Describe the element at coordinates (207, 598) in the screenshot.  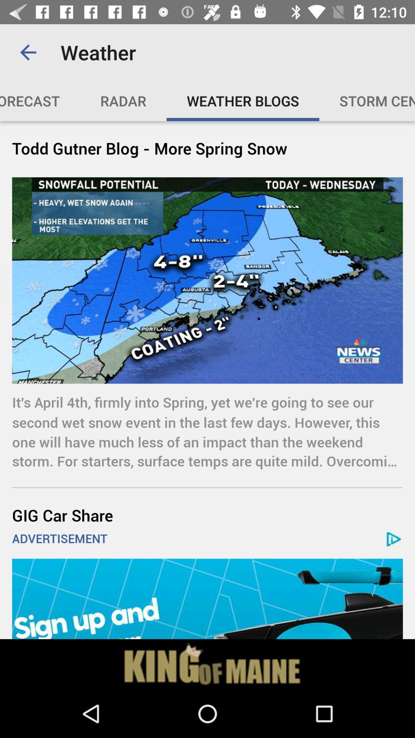
I see `click on advertisement` at that location.